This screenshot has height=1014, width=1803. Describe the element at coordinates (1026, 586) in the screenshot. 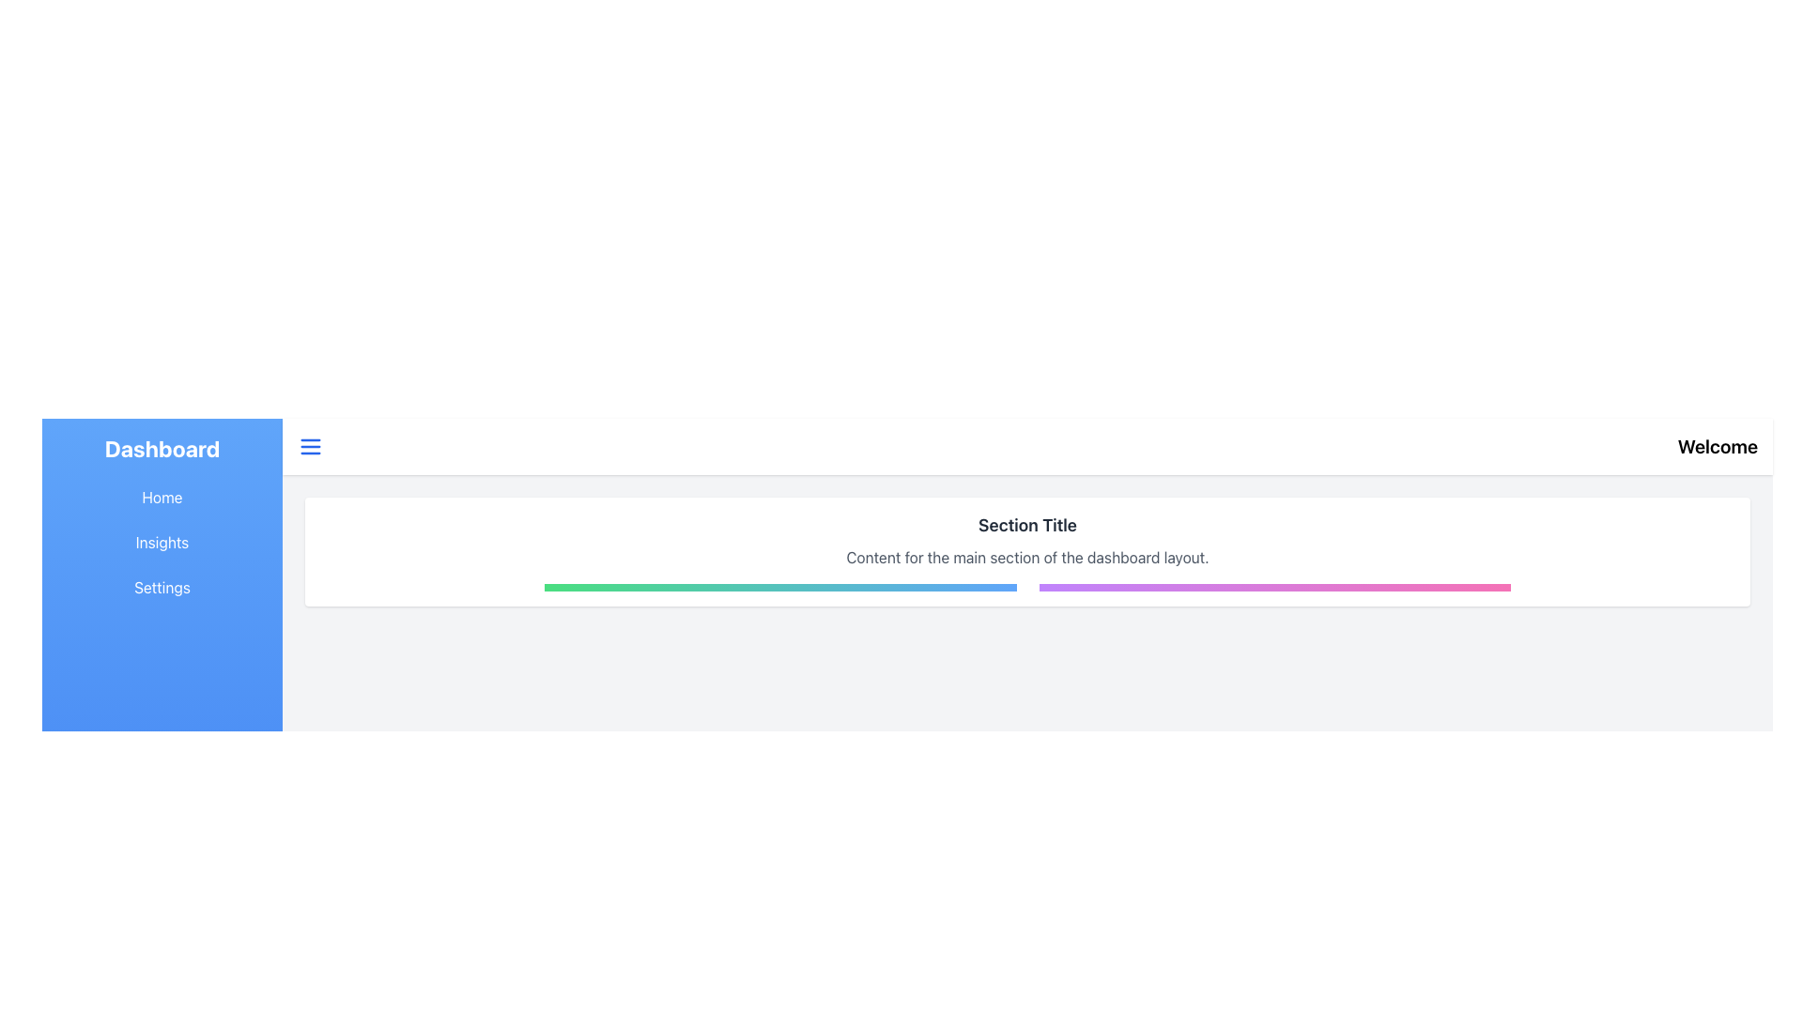

I see `the Decorative progress or status bar located below 'Section Title', visually represented by two segments, centered in the card layout` at that location.